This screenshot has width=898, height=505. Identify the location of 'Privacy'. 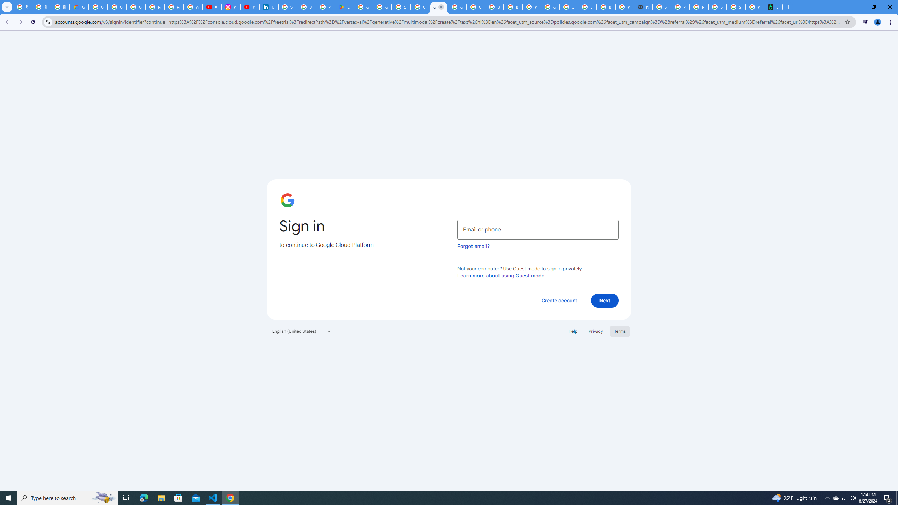
(595, 330).